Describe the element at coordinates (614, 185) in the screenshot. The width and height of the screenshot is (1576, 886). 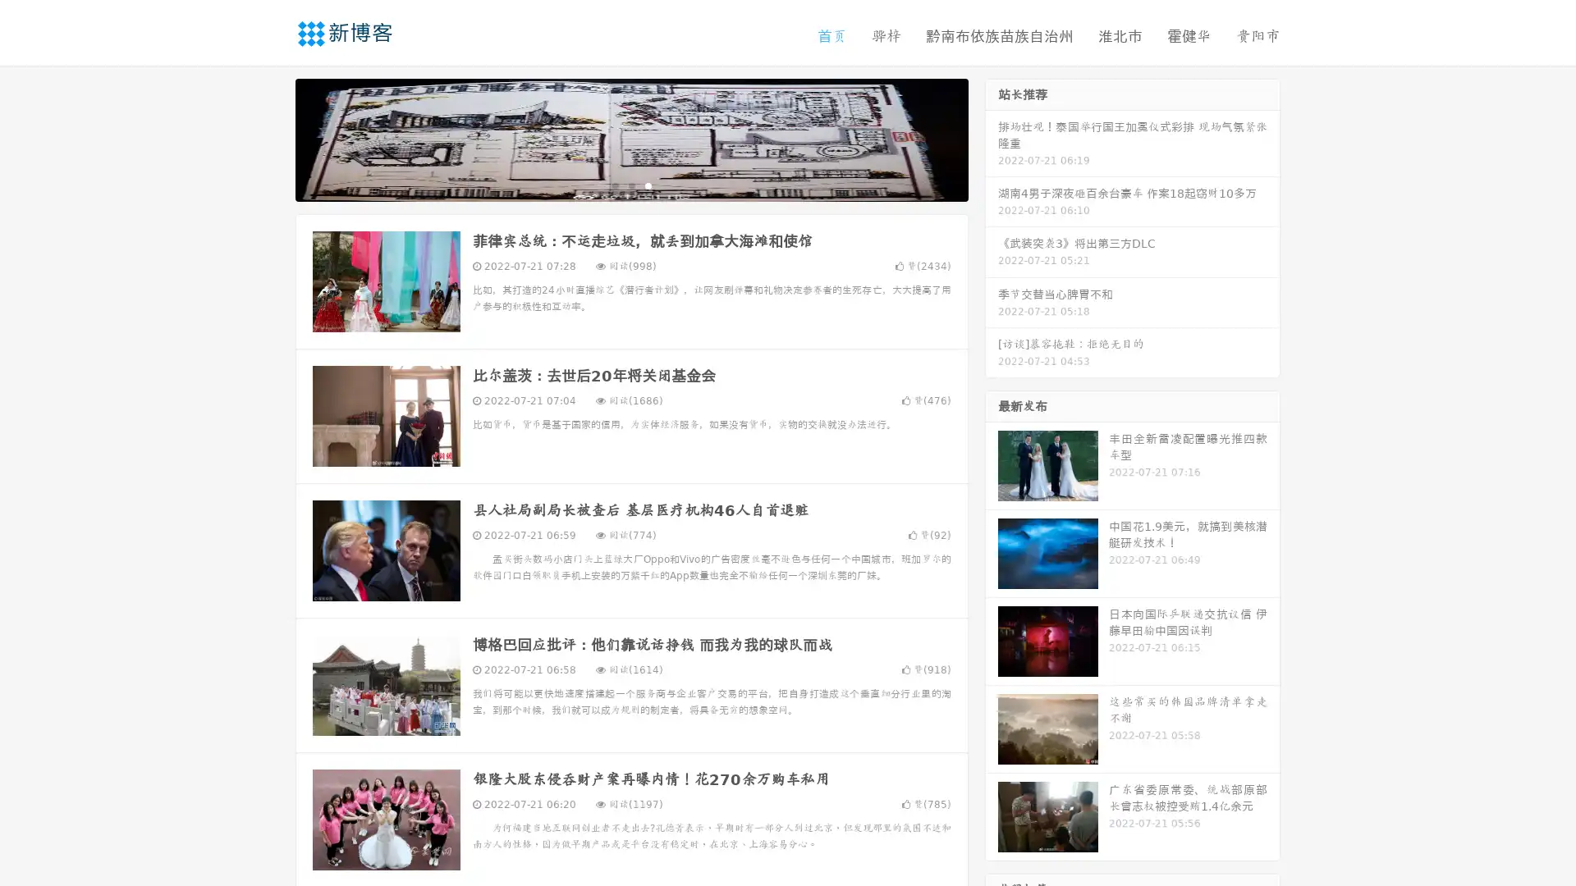
I see `Go to slide 1` at that location.